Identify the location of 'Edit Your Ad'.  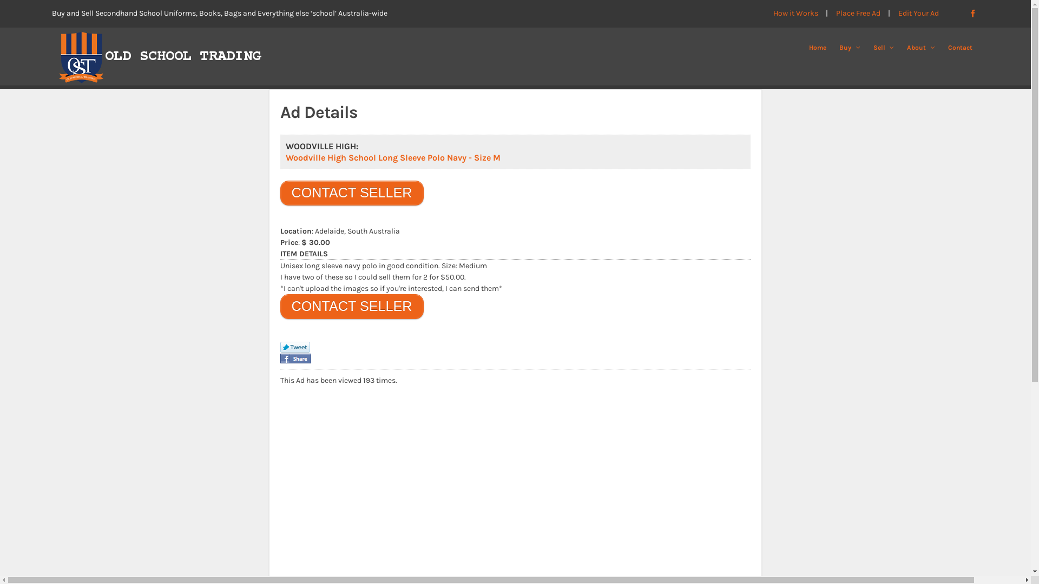
(918, 13).